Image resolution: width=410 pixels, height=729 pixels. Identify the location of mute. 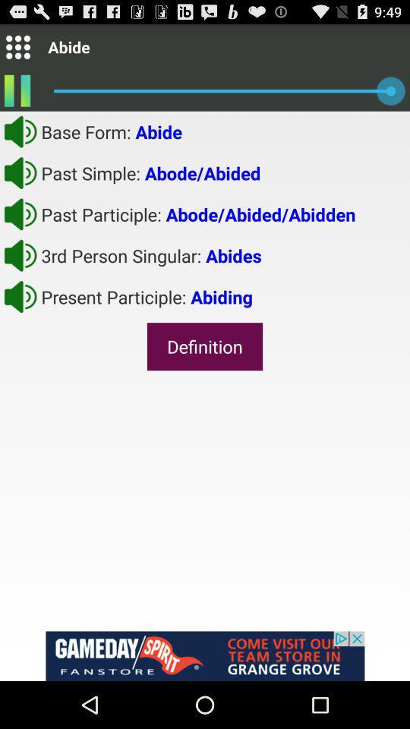
(20, 295).